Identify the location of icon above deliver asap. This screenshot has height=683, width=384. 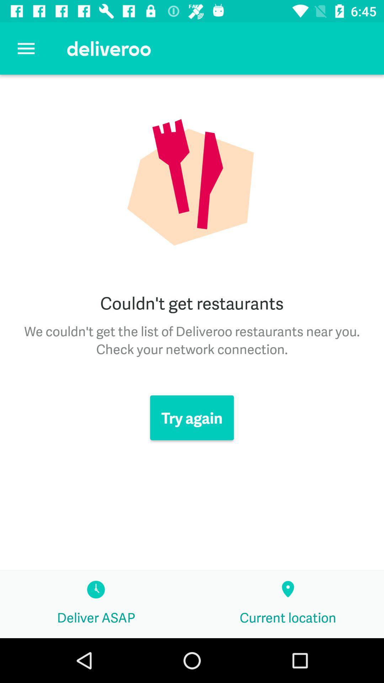
(192, 418).